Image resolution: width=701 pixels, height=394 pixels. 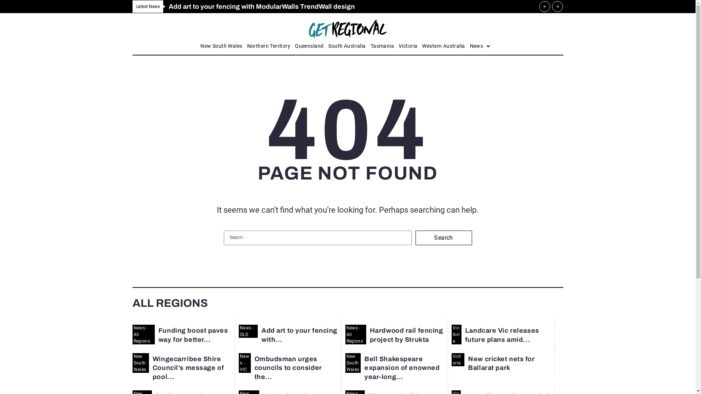 What do you see at coordinates (248, 331) in the screenshot?
I see `'News - QLD'` at bounding box center [248, 331].